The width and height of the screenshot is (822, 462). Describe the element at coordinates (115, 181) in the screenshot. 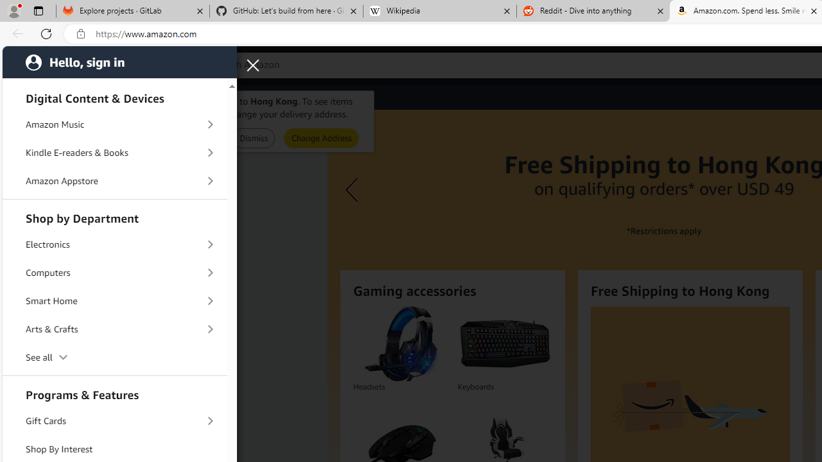

I see `'Amazon Appstore'` at that location.